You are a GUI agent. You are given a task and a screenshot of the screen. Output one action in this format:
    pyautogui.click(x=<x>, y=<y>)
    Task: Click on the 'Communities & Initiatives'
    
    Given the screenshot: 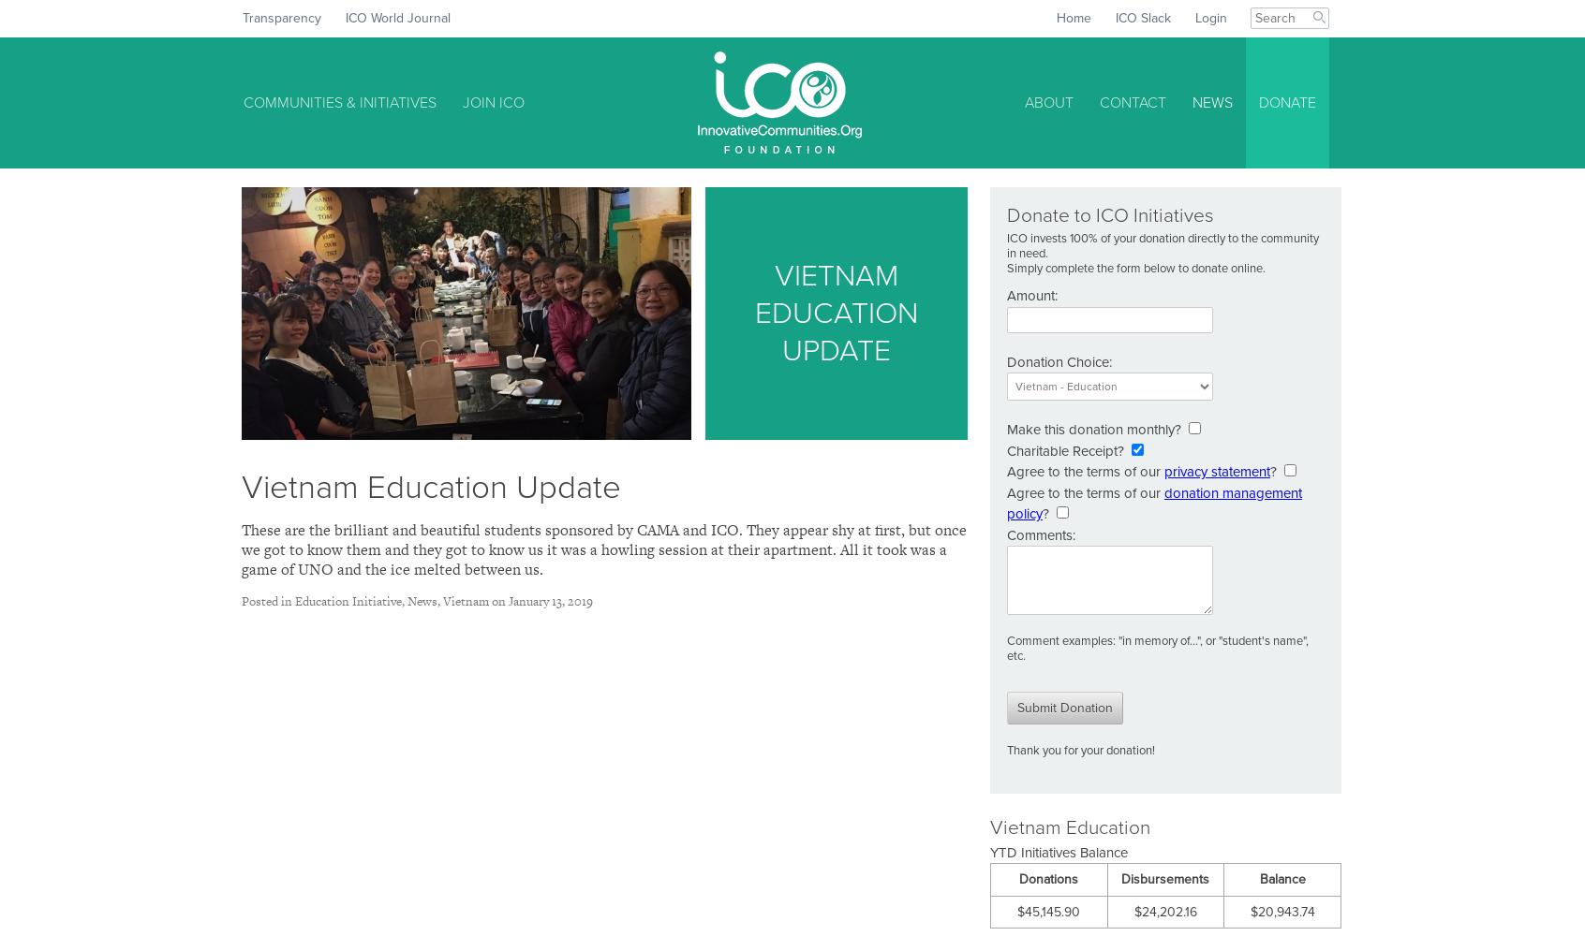 What is the action you would take?
    pyautogui.click(x=339, y=102)
    